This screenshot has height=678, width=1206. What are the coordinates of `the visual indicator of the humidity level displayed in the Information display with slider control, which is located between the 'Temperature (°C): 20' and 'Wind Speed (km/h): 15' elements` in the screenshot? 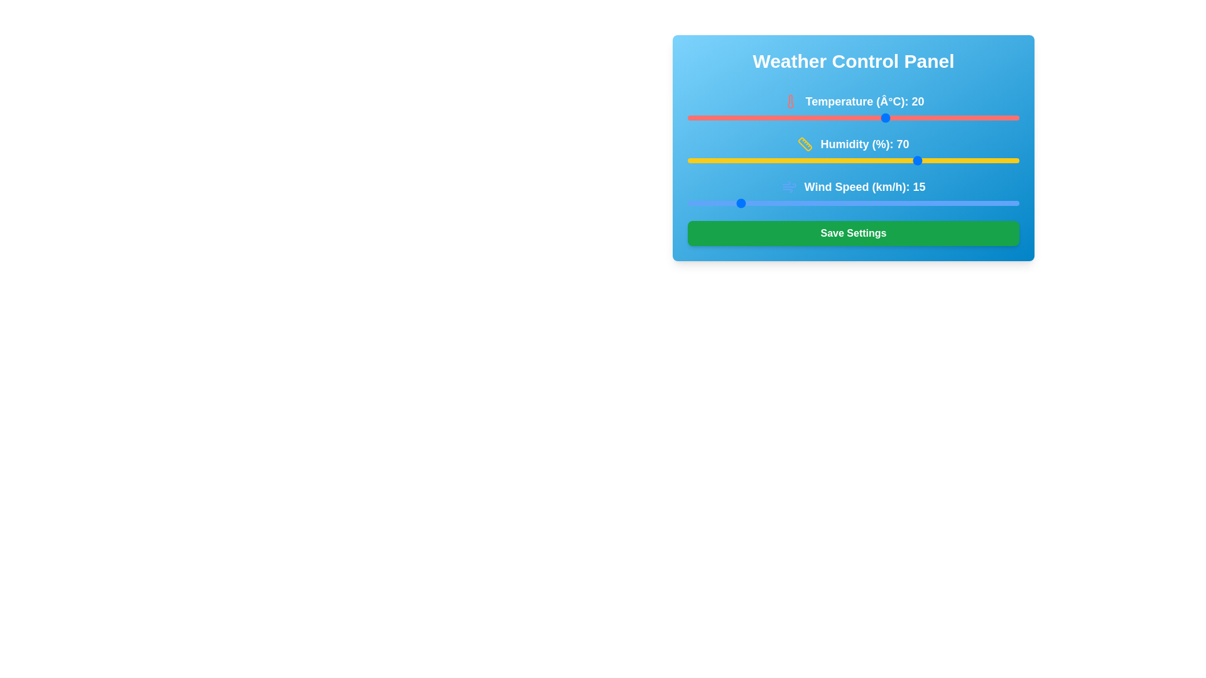 It's located at (853, 149).